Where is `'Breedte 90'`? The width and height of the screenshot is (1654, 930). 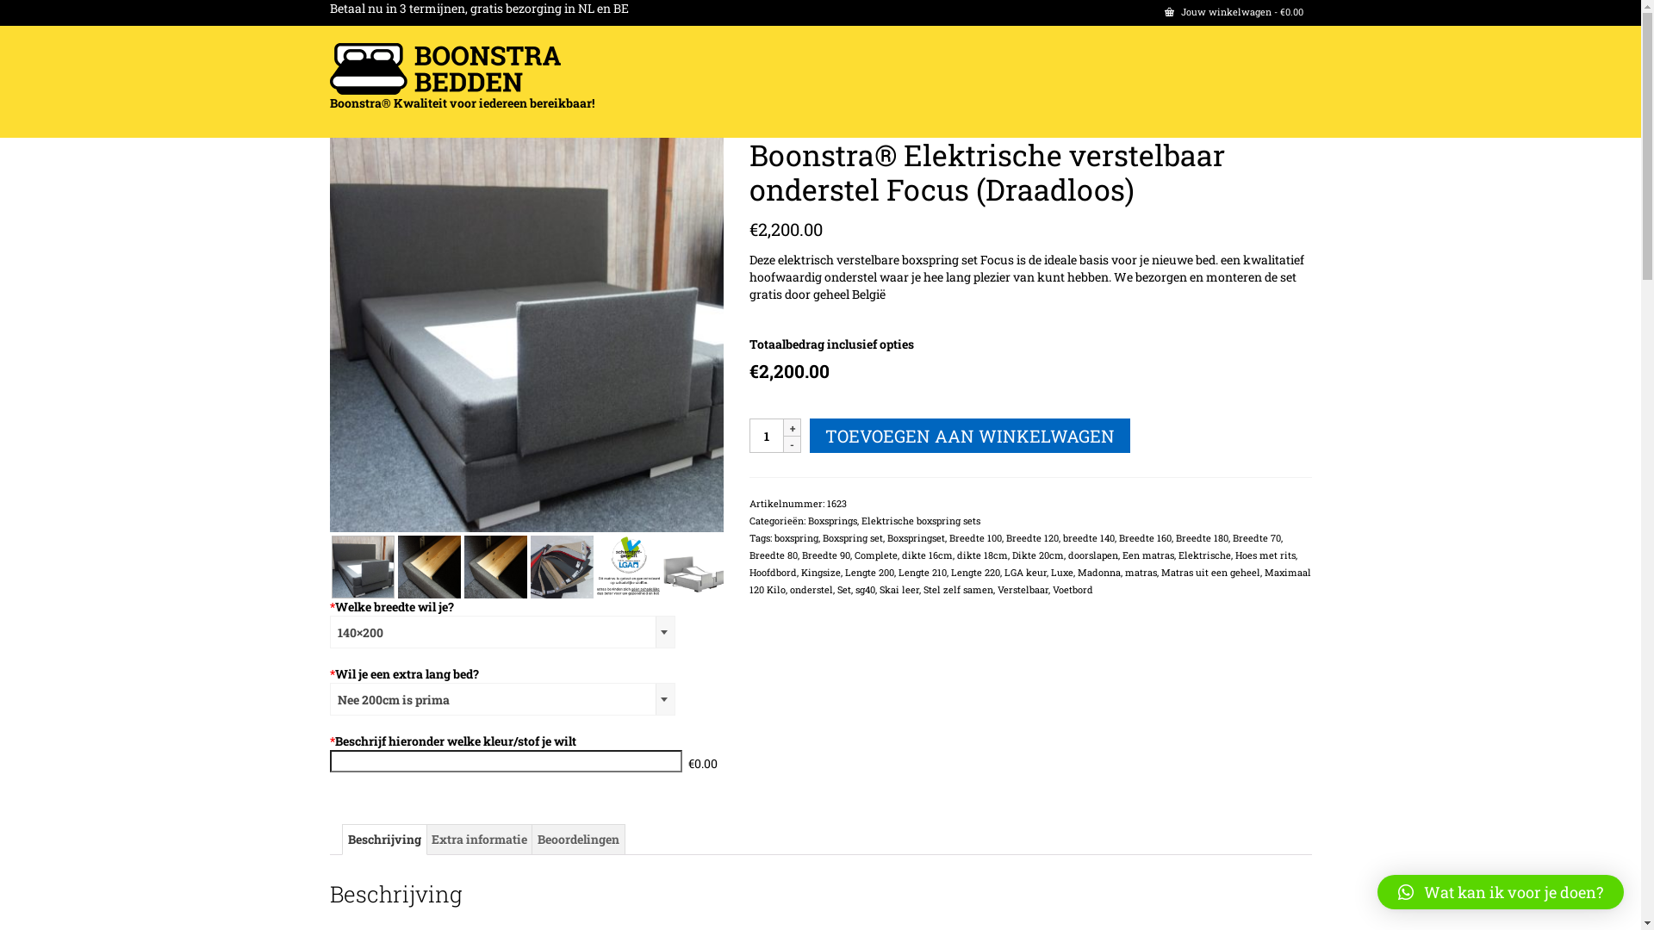 'Breedte 90' is located at coordinates (825, 555).